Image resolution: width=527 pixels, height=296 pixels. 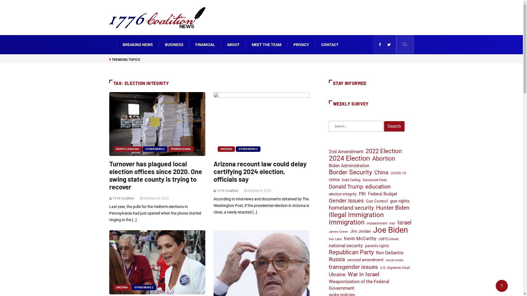 I want to click on 'transgender issues', so click(x=329, y=267).